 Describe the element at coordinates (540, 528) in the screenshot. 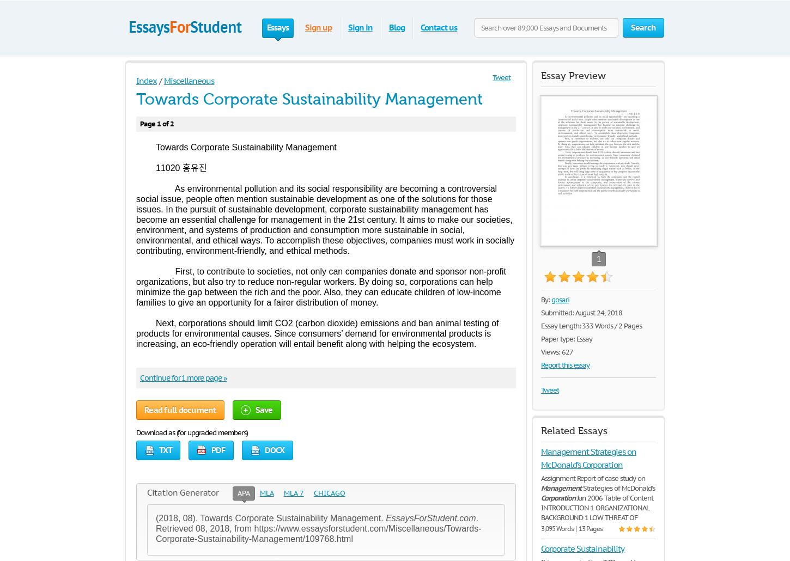

I see `'3,095 Words  |  13 Pages'` at that location.